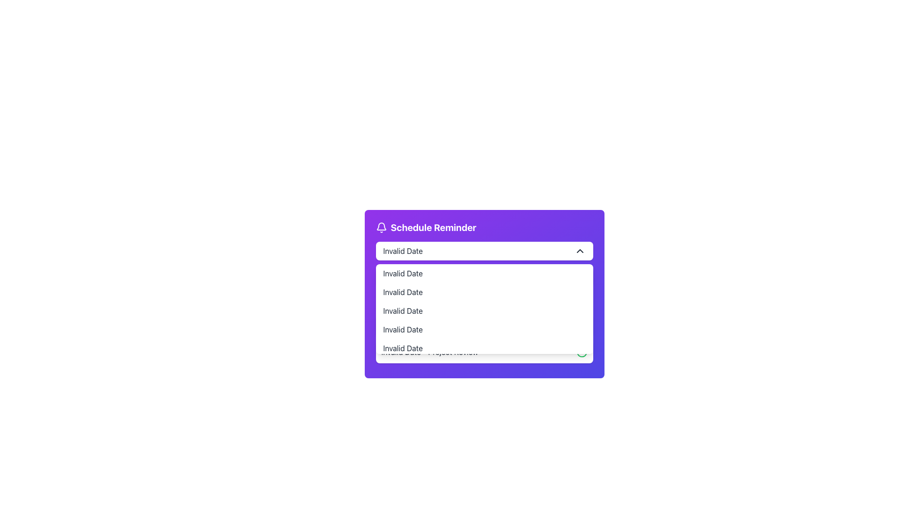 This screenshot has height=505, width=899. I want to click on the fifth selectable option within the dropdown menu of the 'Schedule Reminder' interface, so click(484, 348).